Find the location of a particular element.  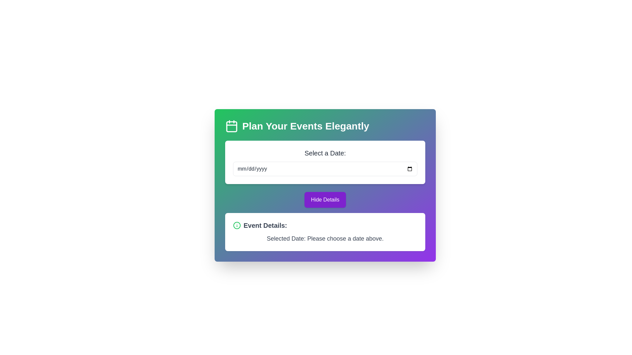

the info icon represented by the green SVG circle that frames the 'i' symbol, located to the left of the 'Event Details:' text is located at coordinates (237, 225).